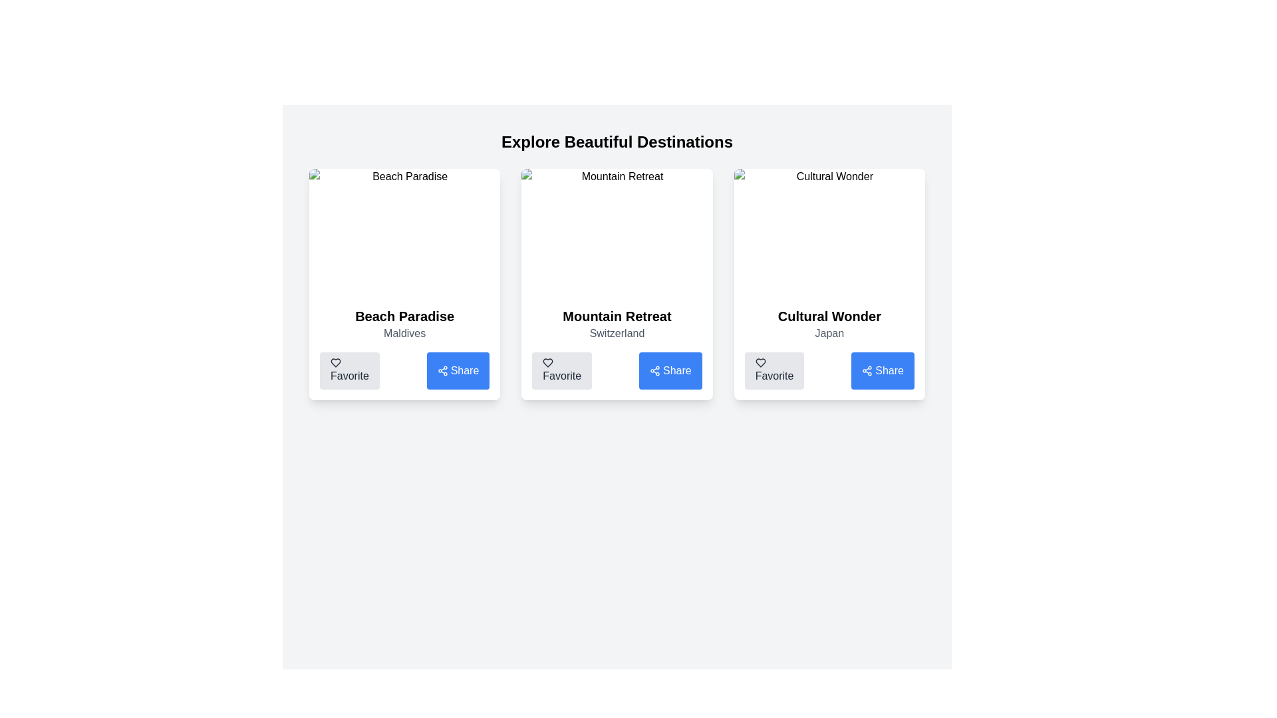 This screenshot has width=1277, height=718. Describe the element at coordinates (867, 371) in the screenshot. I see `the sharing icon located within the 'Share' button at the bottom-right corner of the 'Cultural Wonder' card in the 'Explore Beautiful Destinations' section` at that location.